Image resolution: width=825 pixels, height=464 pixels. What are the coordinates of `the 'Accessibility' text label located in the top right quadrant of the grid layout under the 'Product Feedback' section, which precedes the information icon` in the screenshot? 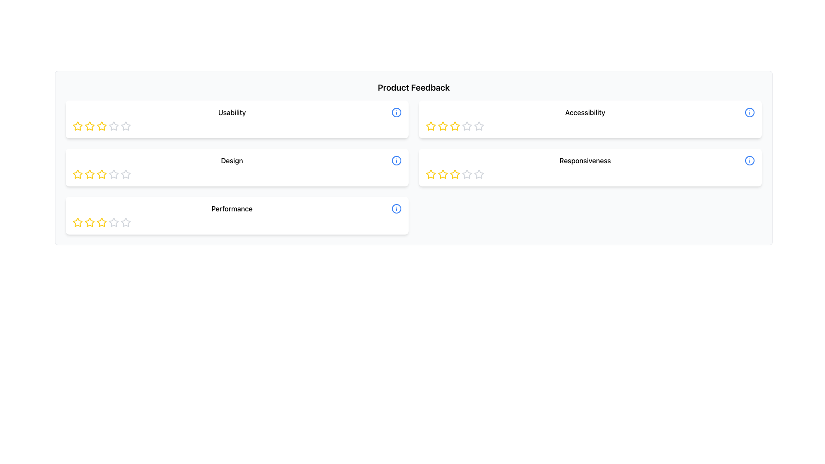 It's located at (585, 112).